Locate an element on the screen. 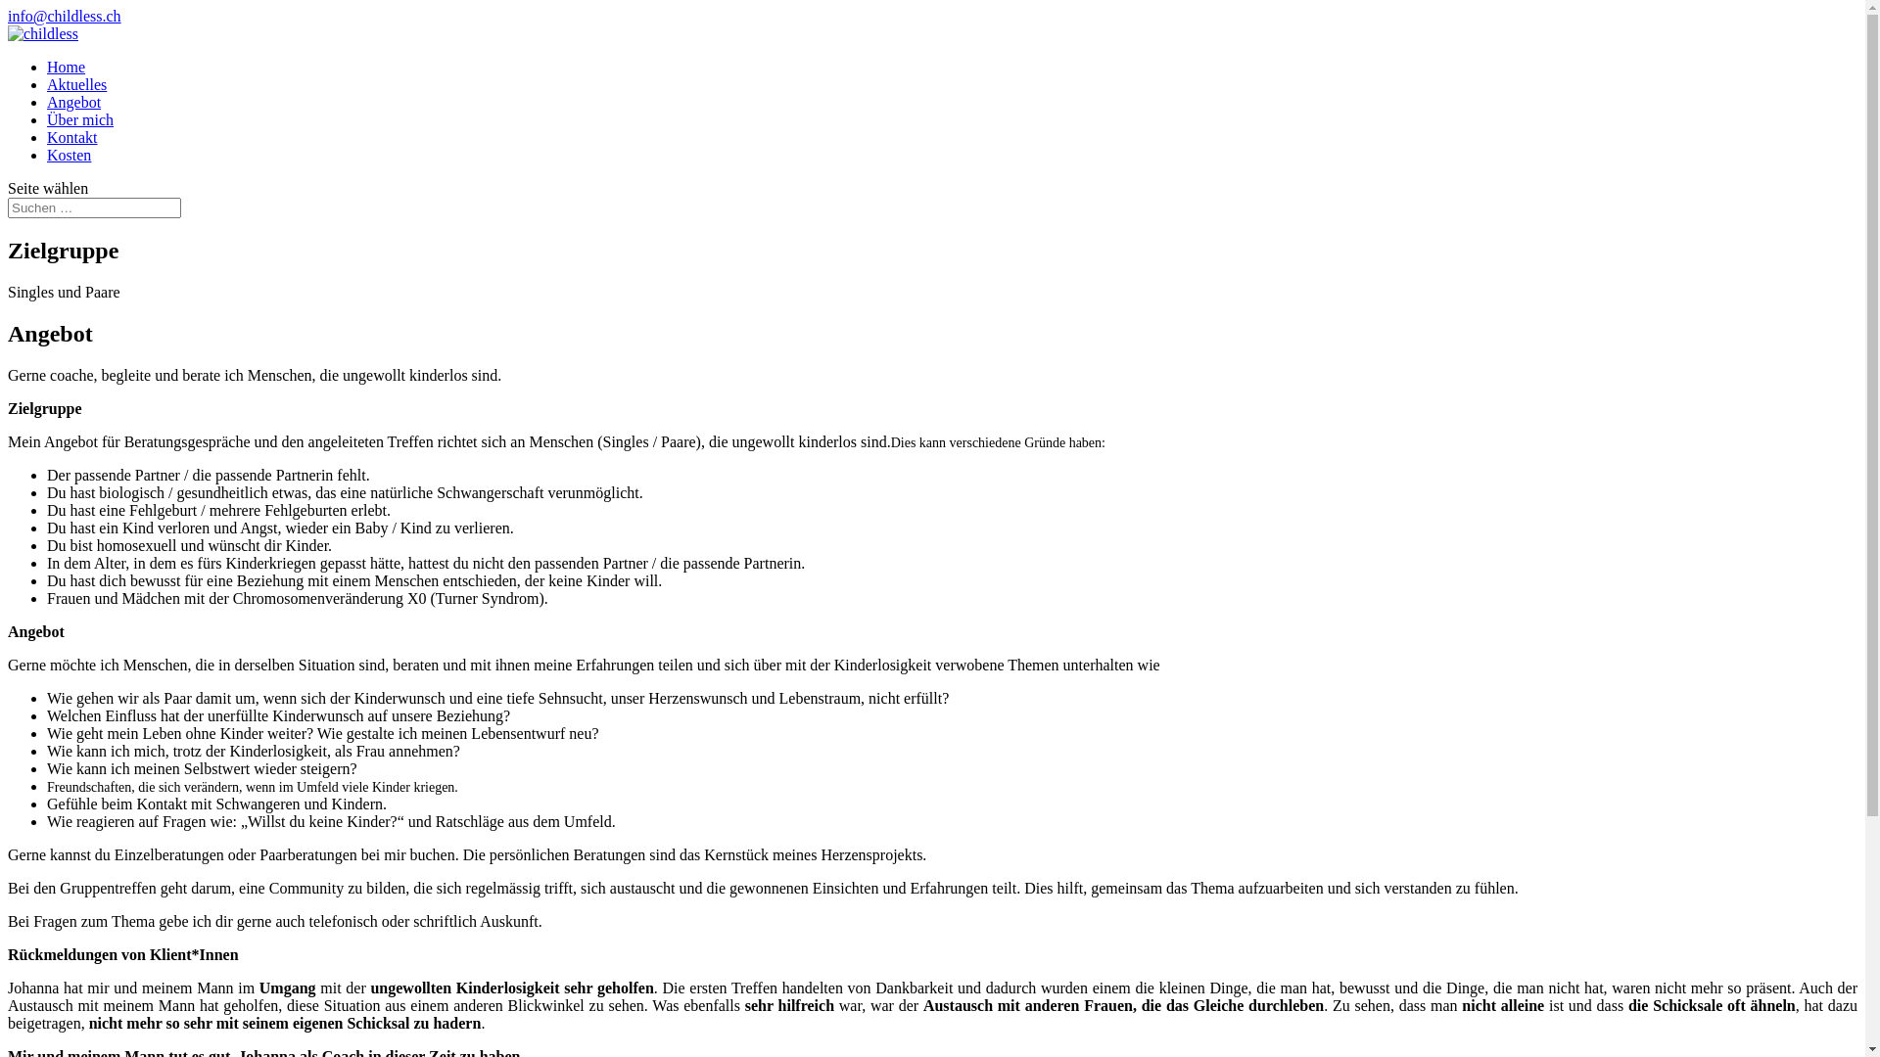 The image size is (1880, 1057). 'info@childless.ch' is located at coordinates (8, 16).